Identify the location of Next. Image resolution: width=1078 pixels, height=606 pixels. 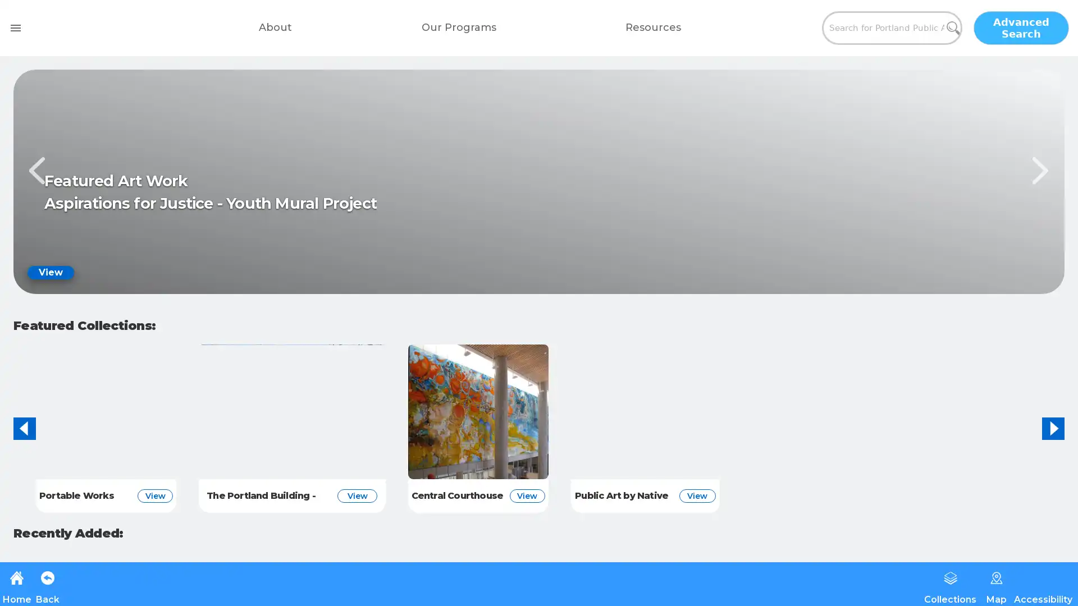
(1040, 171).